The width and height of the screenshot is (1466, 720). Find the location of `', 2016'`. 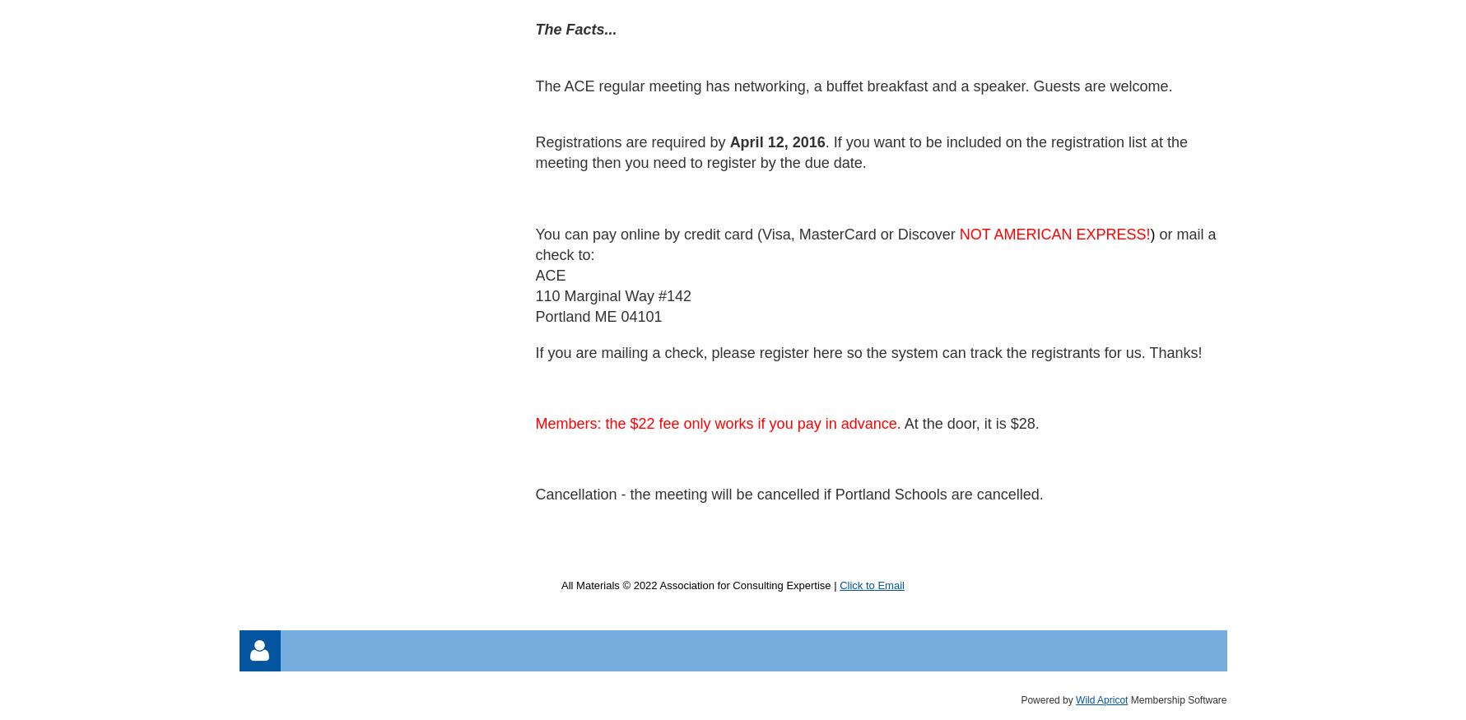

', 2016' is located at coordinates (804, 141).